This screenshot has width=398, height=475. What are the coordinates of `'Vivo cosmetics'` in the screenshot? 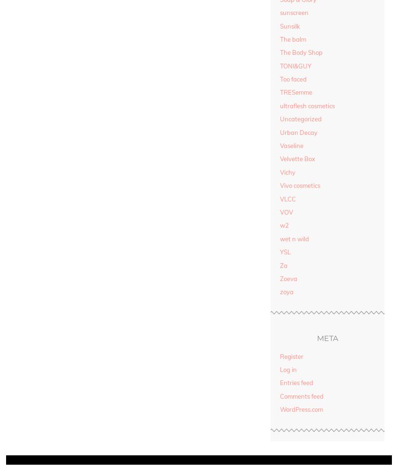 It's located at (279, 185).